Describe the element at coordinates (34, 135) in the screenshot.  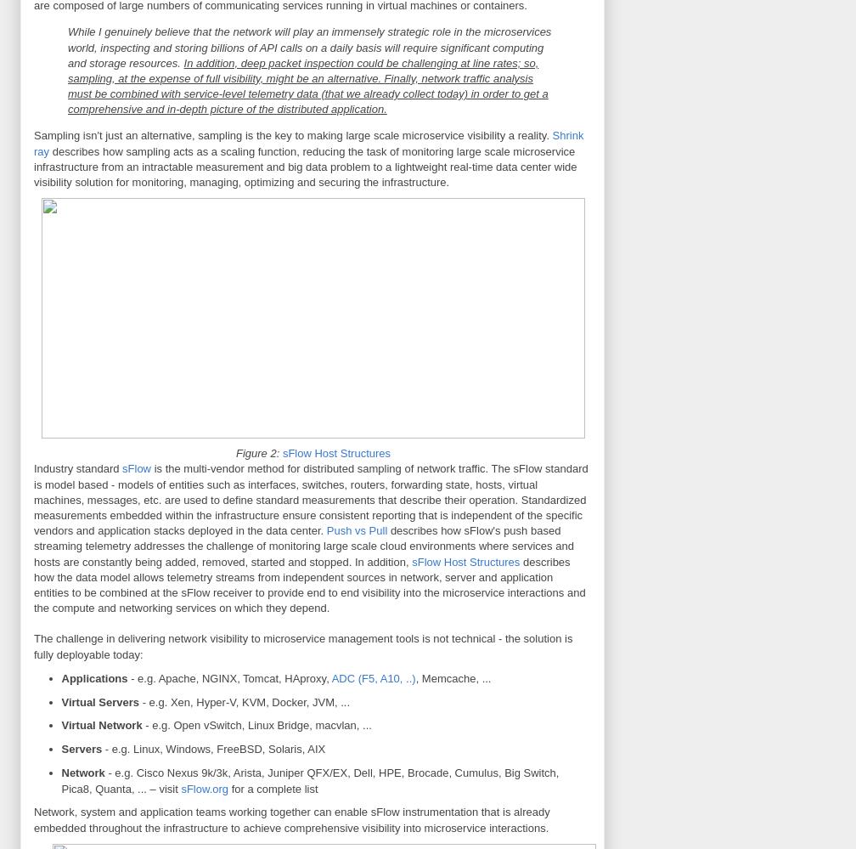
I see `'Sampling isn't just an alternative, sampling is the key to making large scale microservice visibility a reality.'` at that location.